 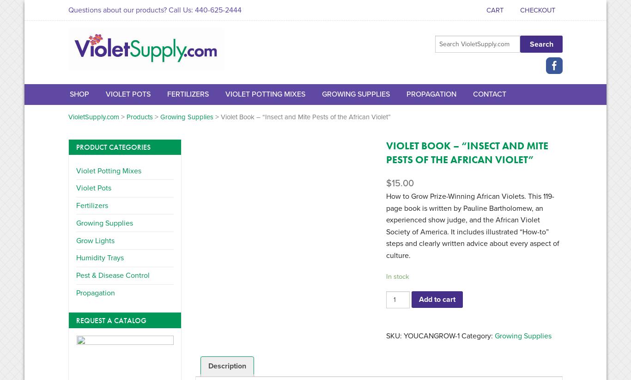 What do you see at coordinates (76, 147) in the screenshot?
I see `'Product Categories'` at bounding box center [76, 147].